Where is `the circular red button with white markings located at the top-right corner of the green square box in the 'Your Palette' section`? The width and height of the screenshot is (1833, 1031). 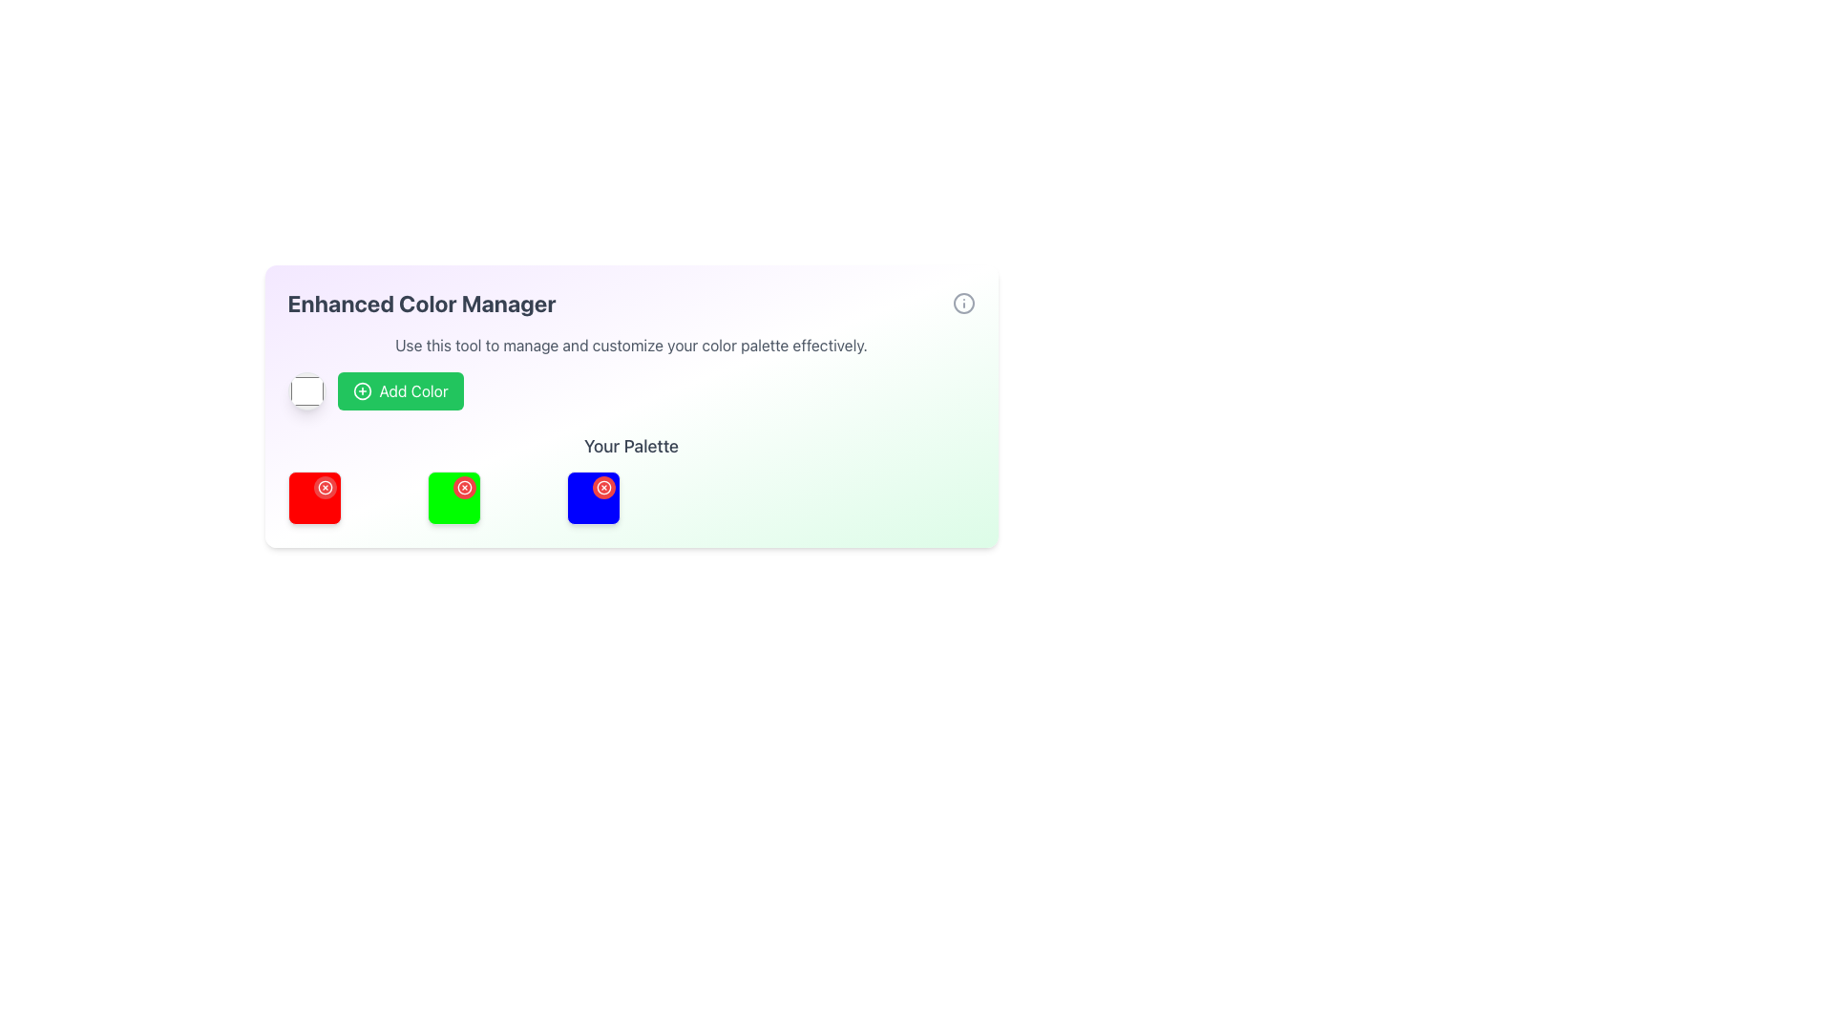
the circular red button with white markings located at the top-right corner of the green square box in the 'Your Palette' section is located at coordinates (464, 486).